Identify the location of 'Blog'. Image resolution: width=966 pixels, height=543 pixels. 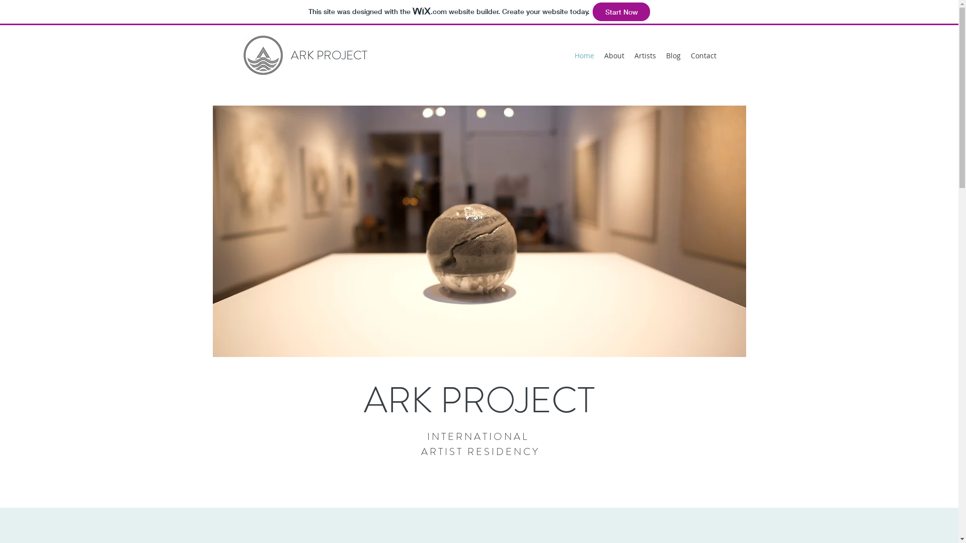
(673, 56).